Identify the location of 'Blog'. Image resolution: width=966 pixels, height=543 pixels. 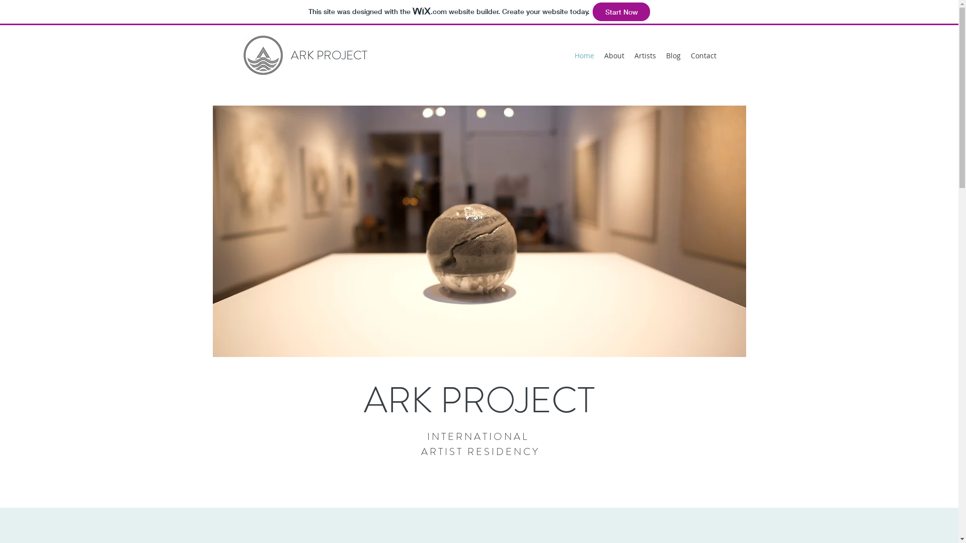
(673, 56).